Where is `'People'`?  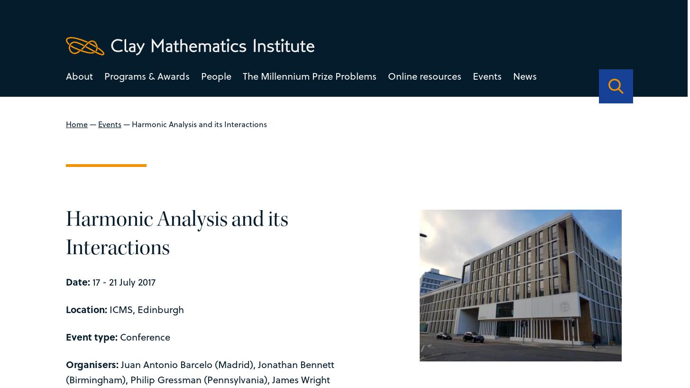 'People' is located at coordinates (216, 75).